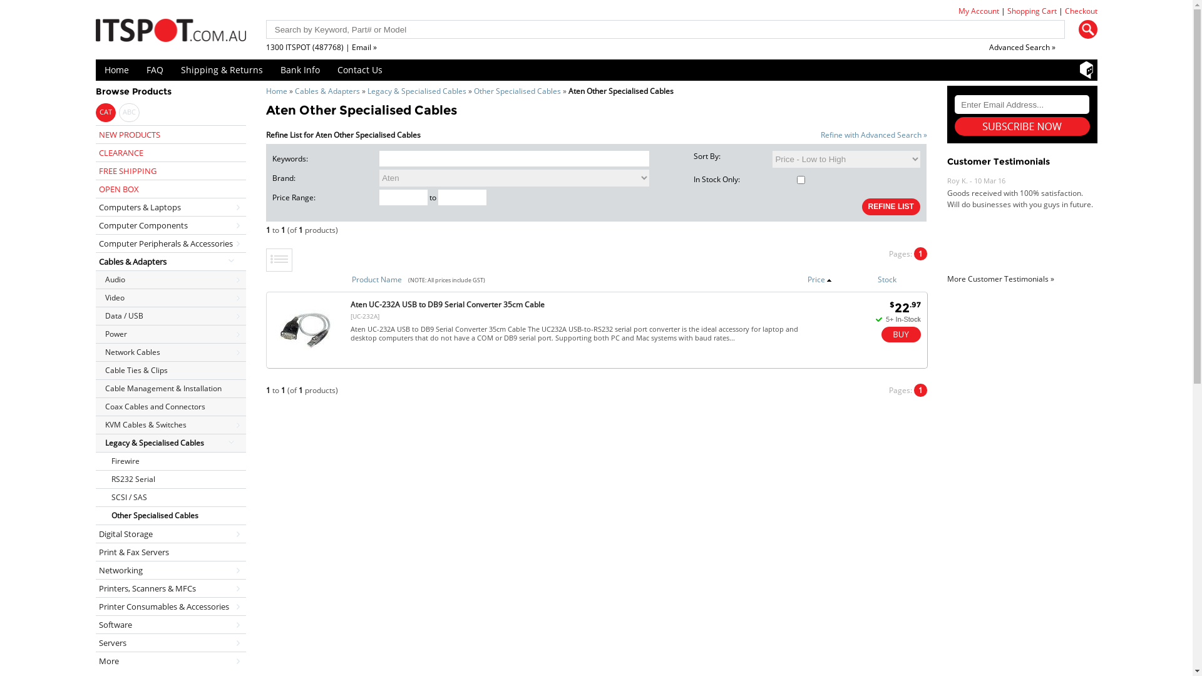  What do you see at coordinates (170, 588) in the screenshot?
I see `'Printers, Scanners & MFCs'` at bounding box center [170, 588].